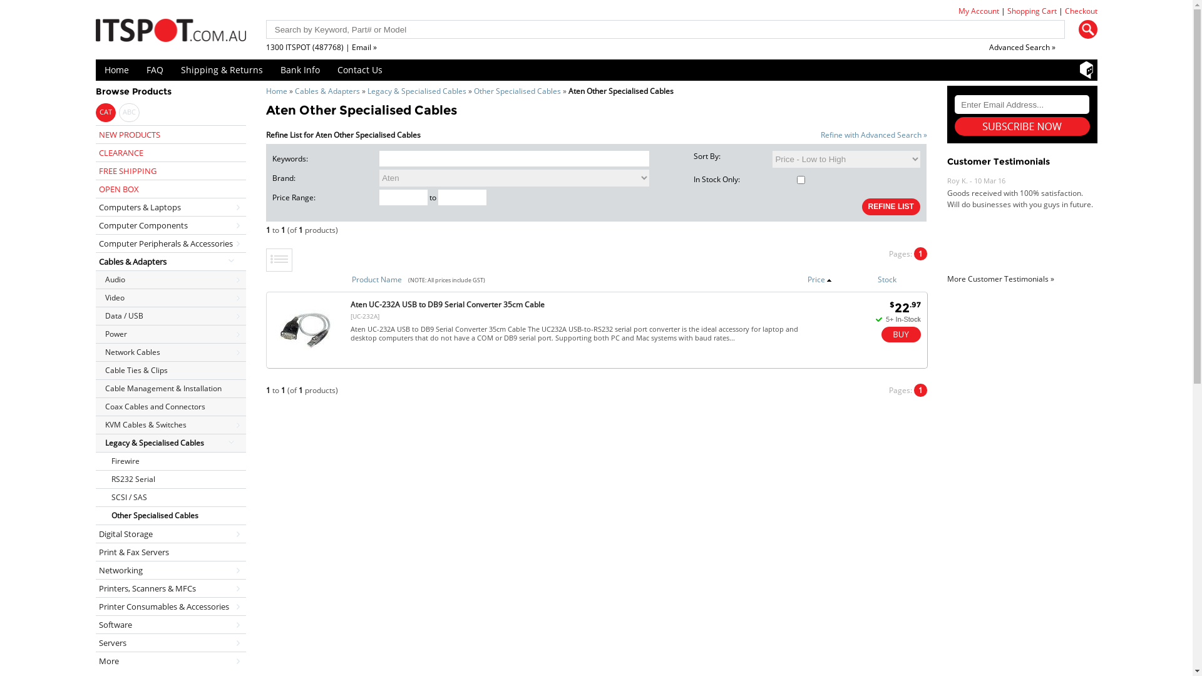  What do you see at coordinates (170, 588) in the screenshot?
I see `'Printers, Scanners & MFCs'` at bounding box center [170, 588].